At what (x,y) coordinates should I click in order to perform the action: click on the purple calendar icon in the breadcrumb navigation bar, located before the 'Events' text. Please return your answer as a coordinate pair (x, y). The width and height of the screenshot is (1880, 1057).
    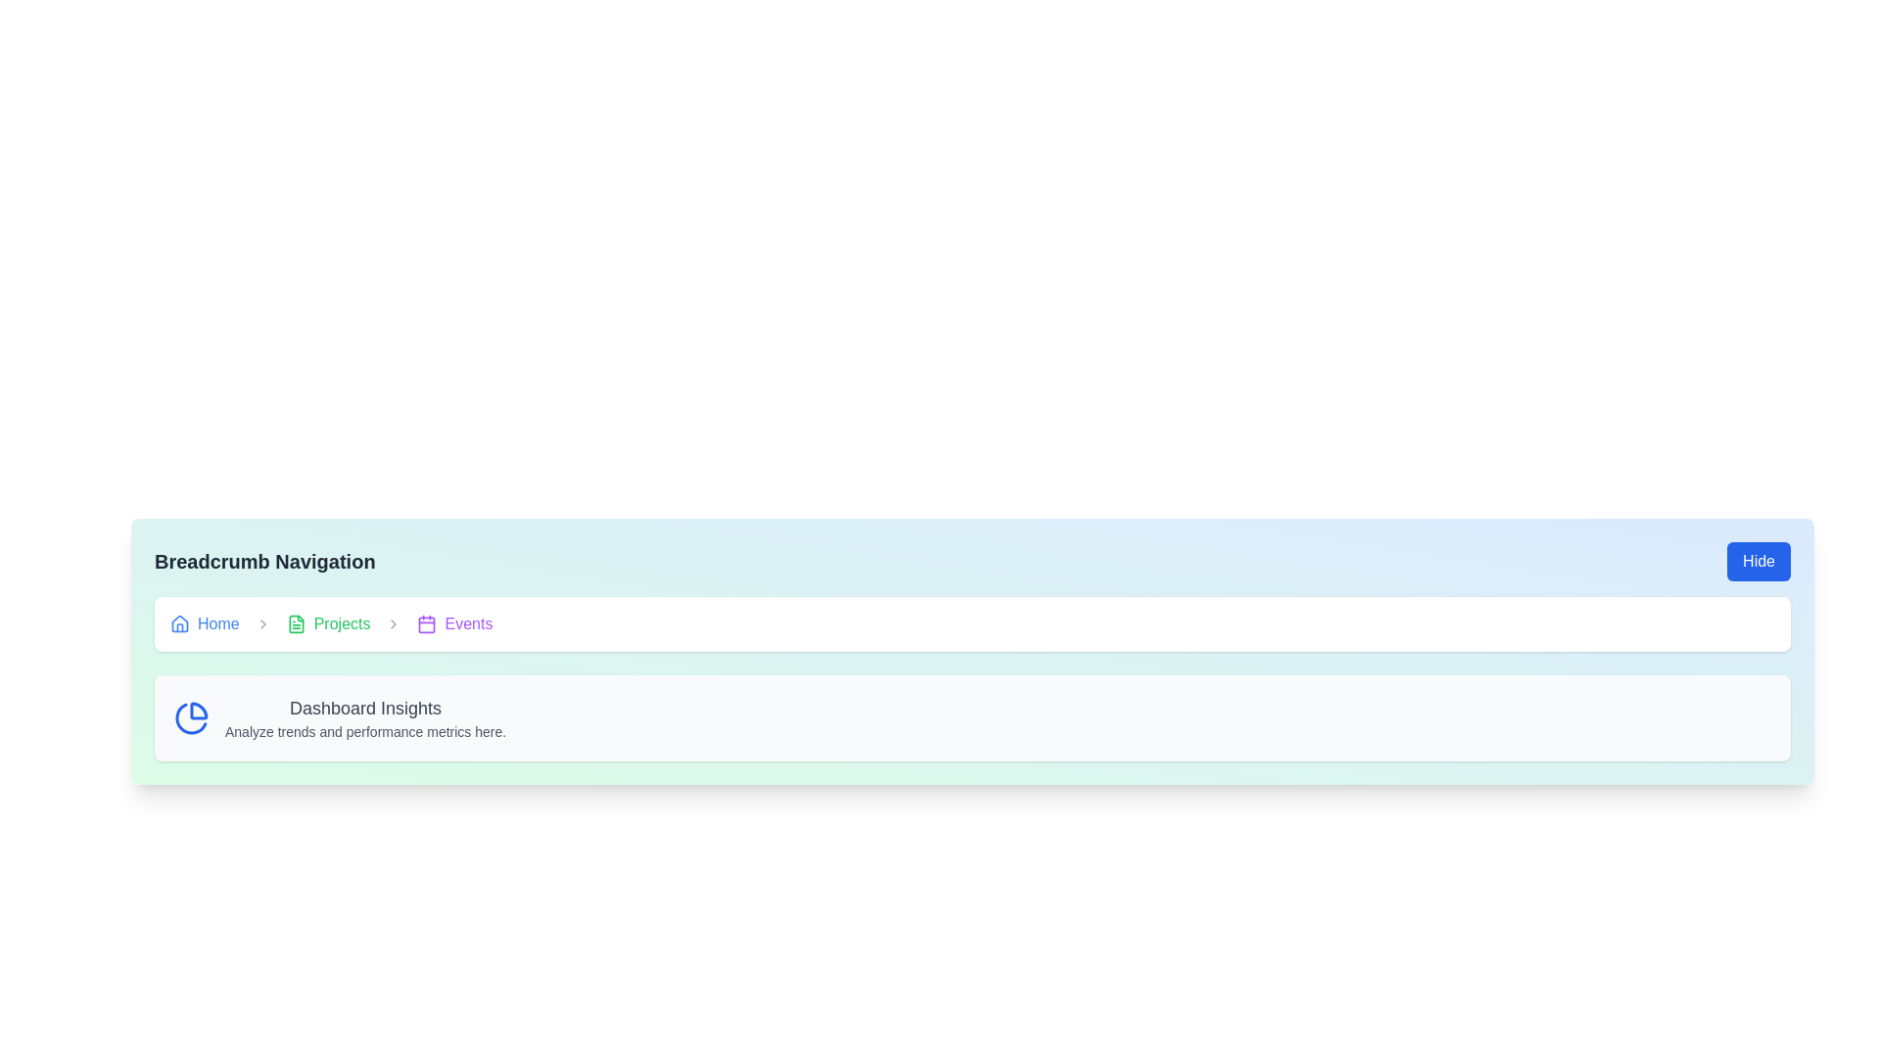
    Looking at the image, I should click on (426, 623).